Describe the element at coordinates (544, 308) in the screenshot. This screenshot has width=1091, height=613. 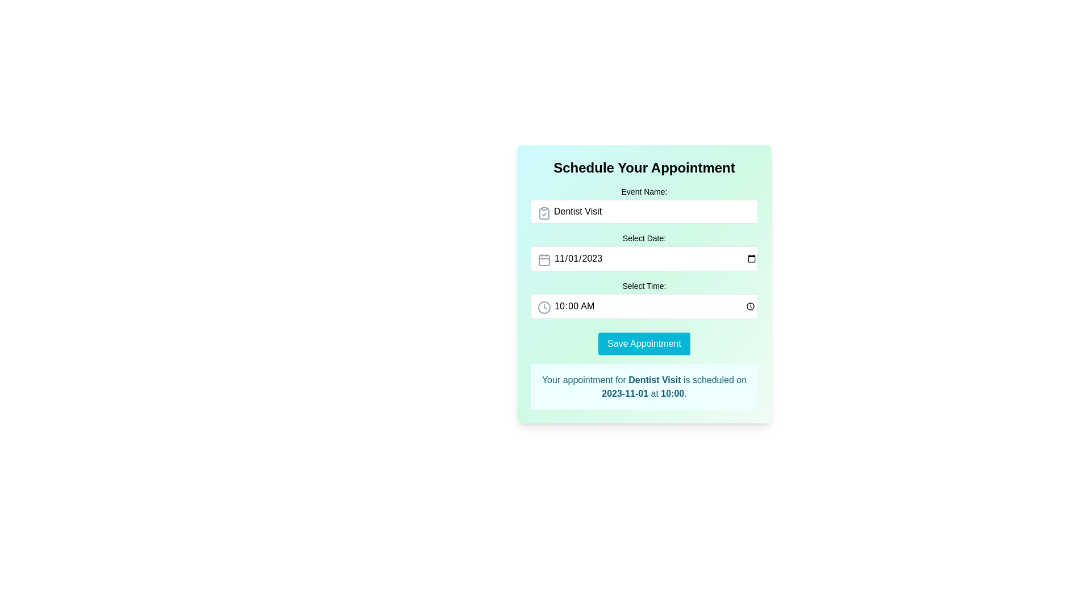
I see `the circular clock icon, which is styled in gray and located near the time selection field` at that location.